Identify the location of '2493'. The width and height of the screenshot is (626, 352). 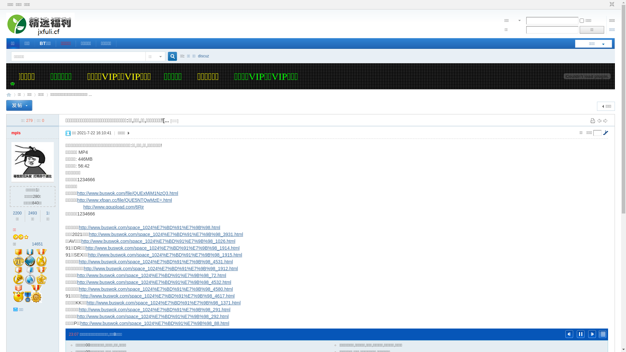
(32, 213).